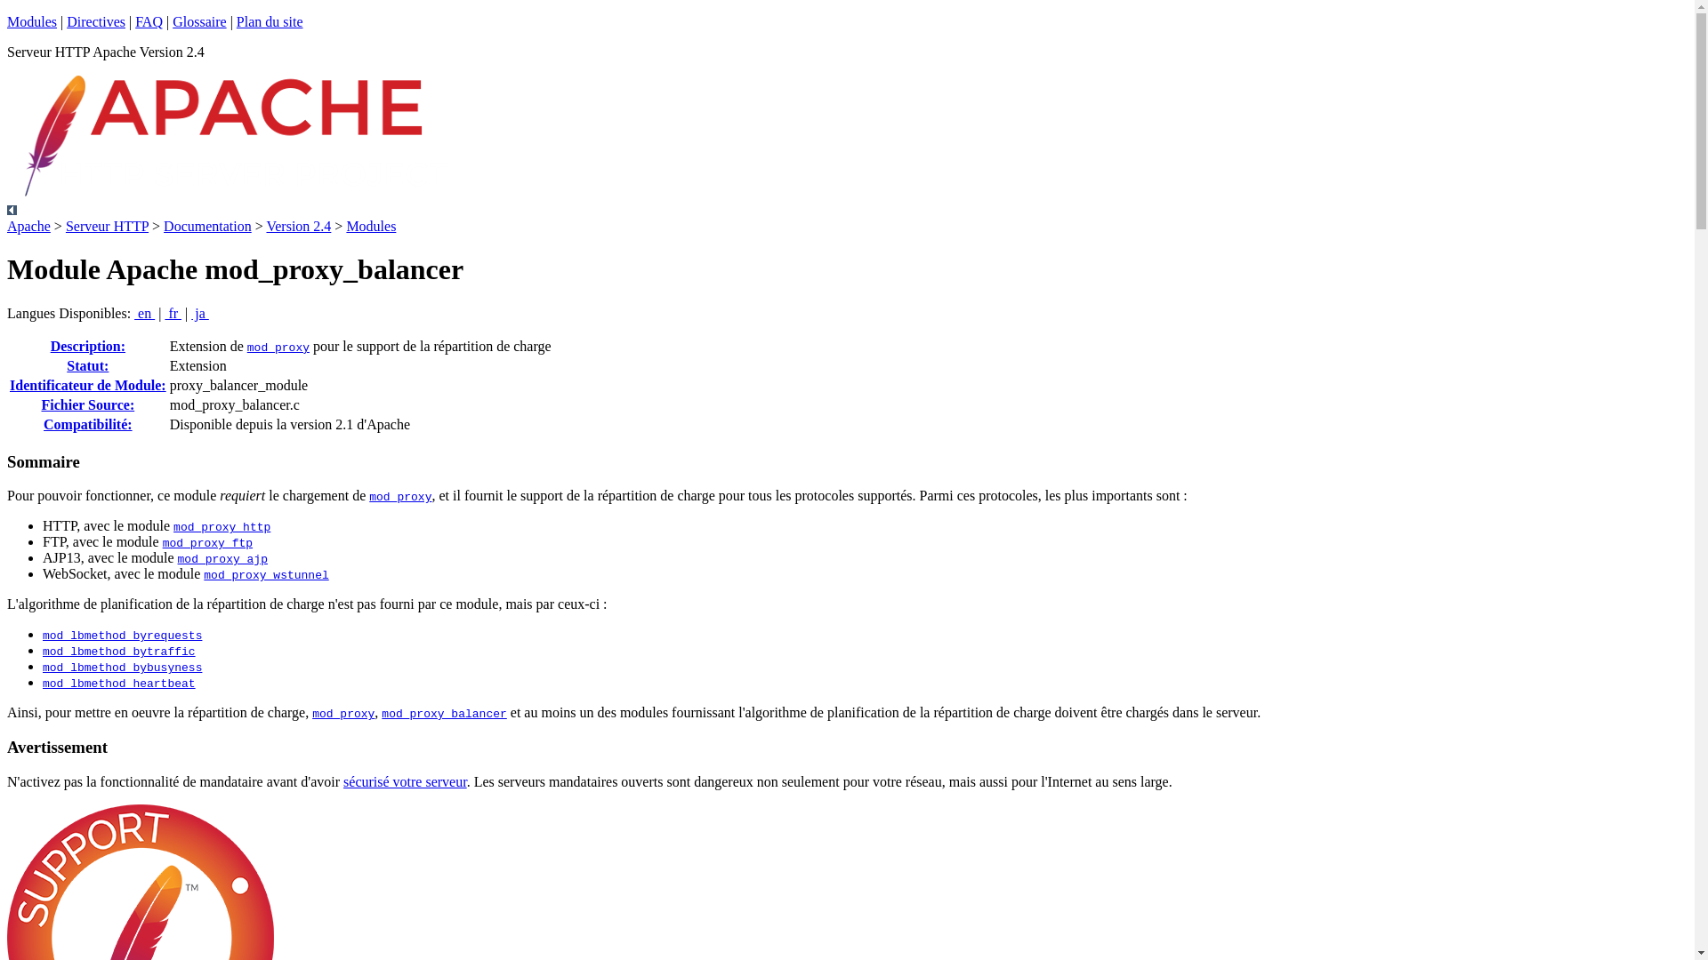 Image resolution: width=1708 pixels, height=960 pixels. I want to click on 'Plan du site', so click(269, 21).